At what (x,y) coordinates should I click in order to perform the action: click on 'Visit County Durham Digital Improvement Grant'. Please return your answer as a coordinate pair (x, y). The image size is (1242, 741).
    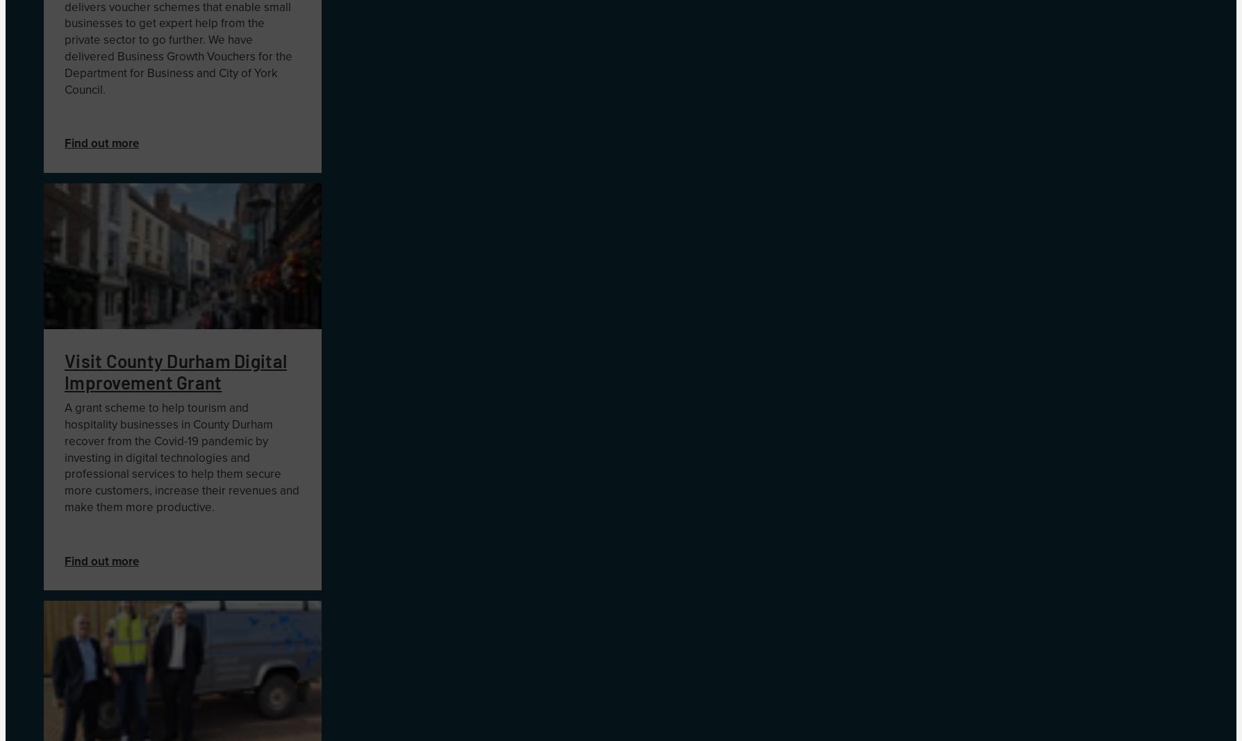
    Looking at the image, I should click on (64, 371).